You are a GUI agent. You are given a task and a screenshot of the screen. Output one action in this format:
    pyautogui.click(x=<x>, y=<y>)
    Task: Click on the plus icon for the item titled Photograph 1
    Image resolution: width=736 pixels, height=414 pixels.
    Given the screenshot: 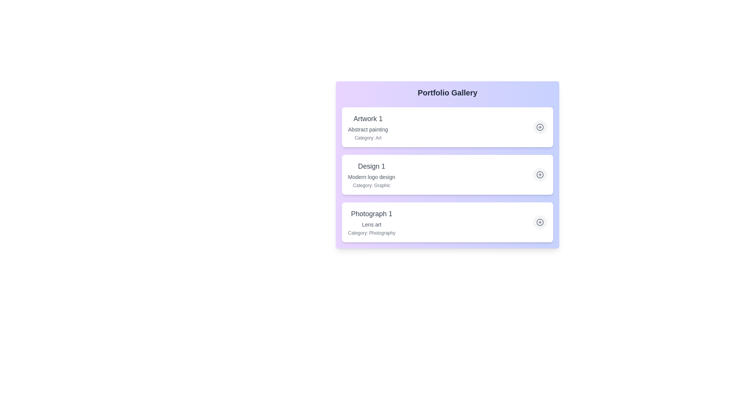 What is the action you would take?
    pyautogui.click(x=540, y=222)
    